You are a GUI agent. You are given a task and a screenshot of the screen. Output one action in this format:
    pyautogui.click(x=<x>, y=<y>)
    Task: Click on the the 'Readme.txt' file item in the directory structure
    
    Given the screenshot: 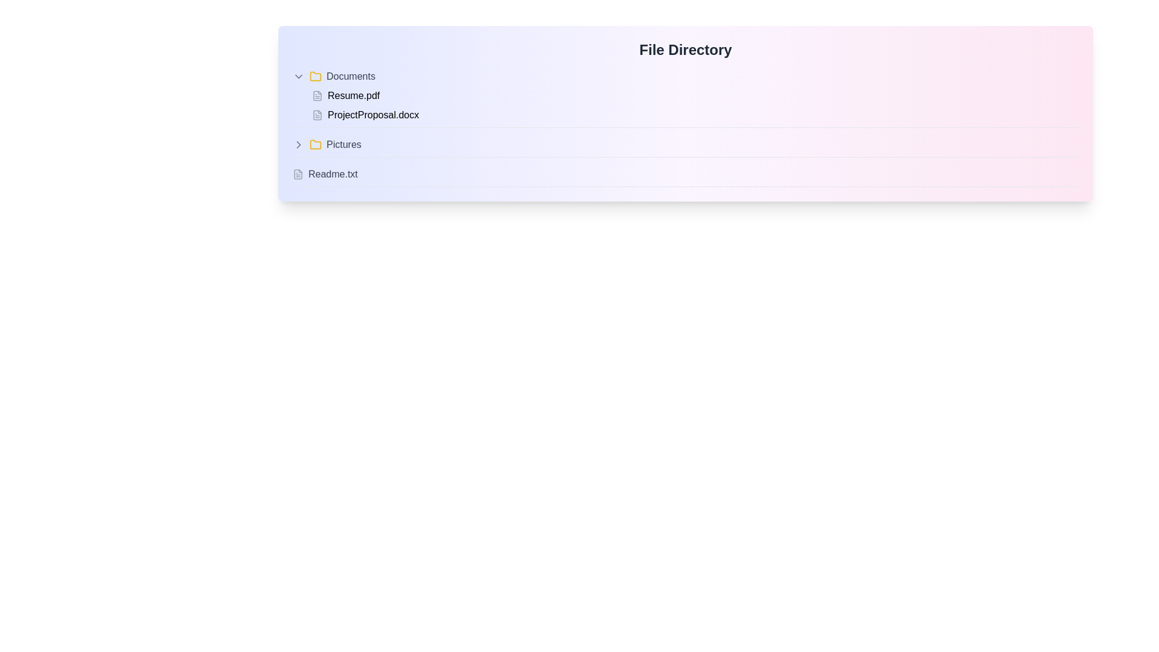 What is the action you would take?
    pyautogui.click(x=686, y=174)
    